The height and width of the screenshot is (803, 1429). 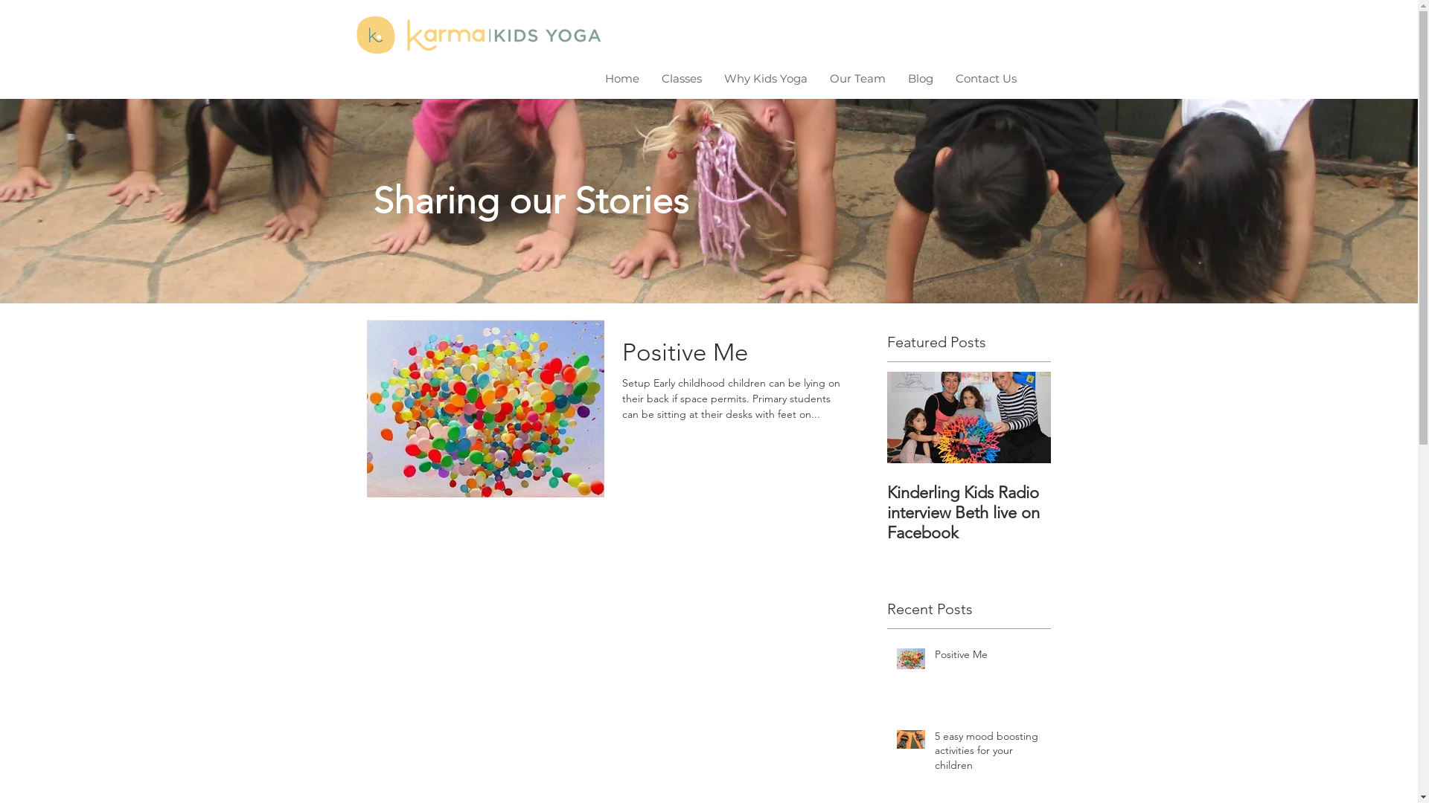 I want to click on 'Classes', so click(x=681, y=78).